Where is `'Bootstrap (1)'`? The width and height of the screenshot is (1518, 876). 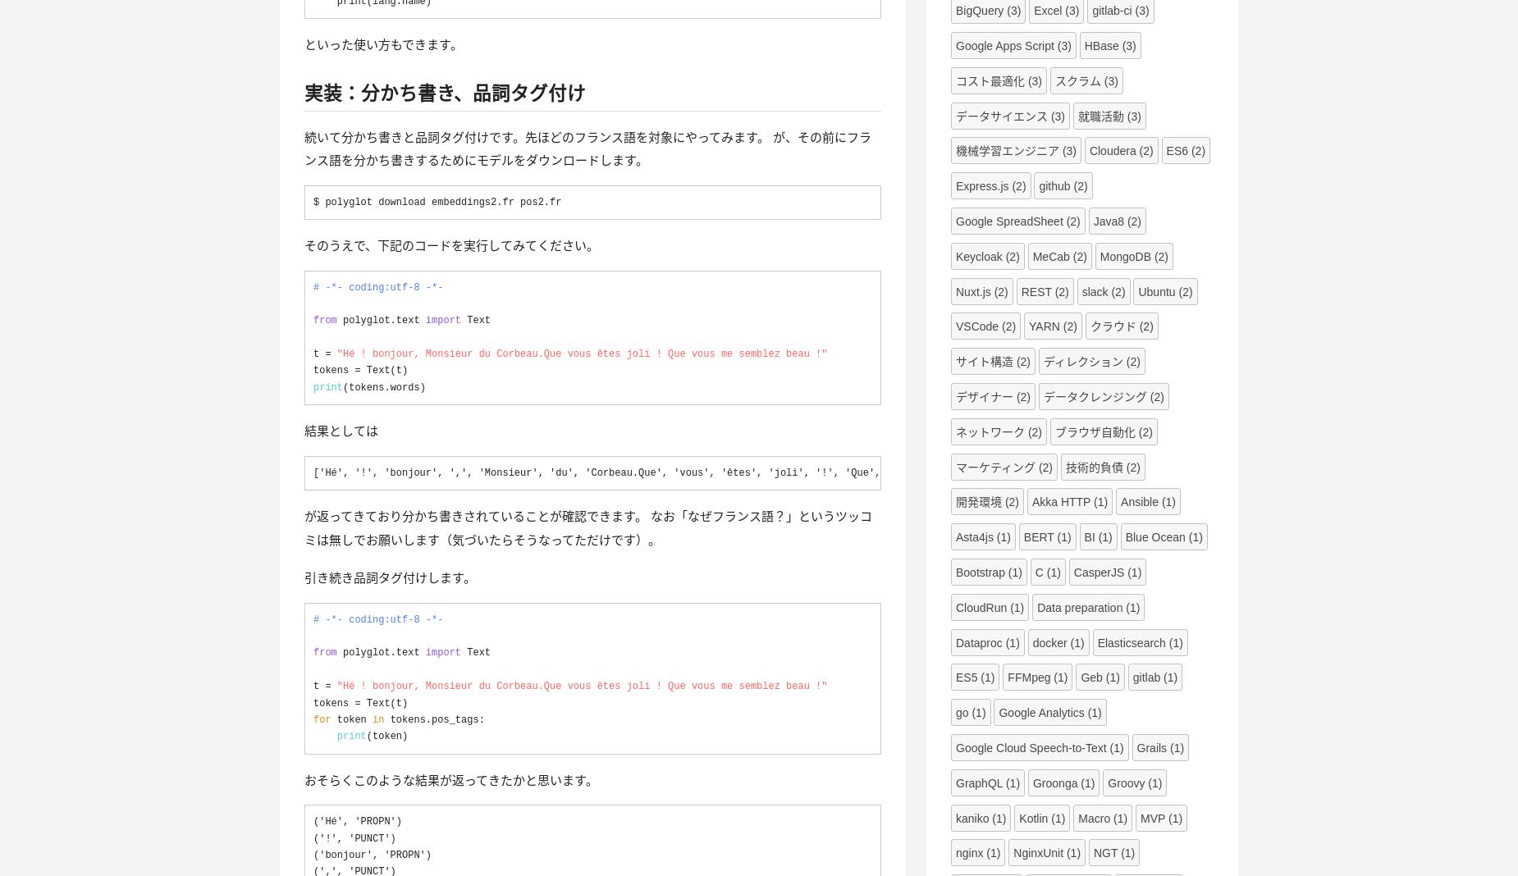
'Bootstrap (1)' is located at coordinates (988, 573).